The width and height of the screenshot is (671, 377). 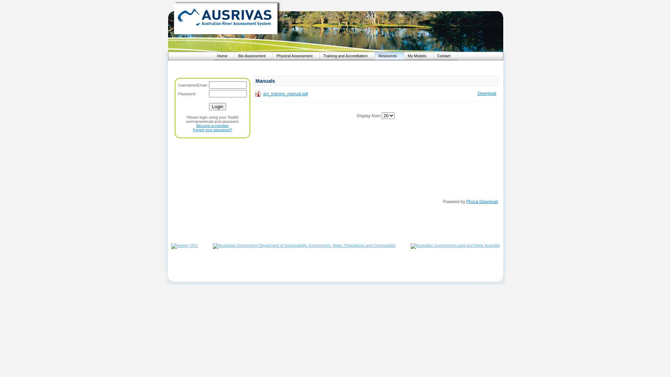 I want to click on 'Home', so click(x=224, y=55).